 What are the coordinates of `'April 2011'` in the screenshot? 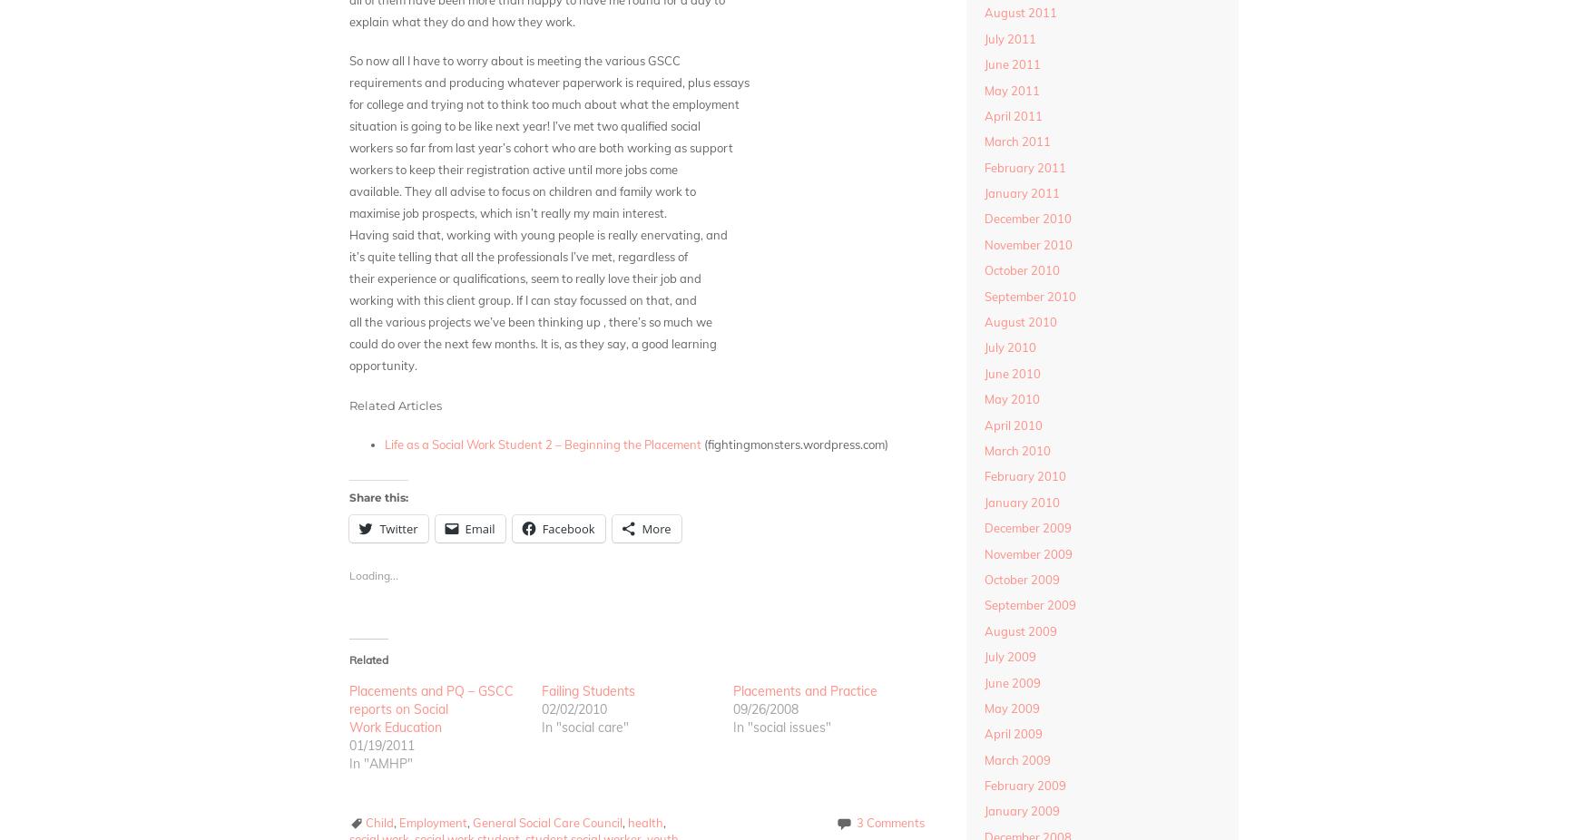 It's located at (1012, 113).